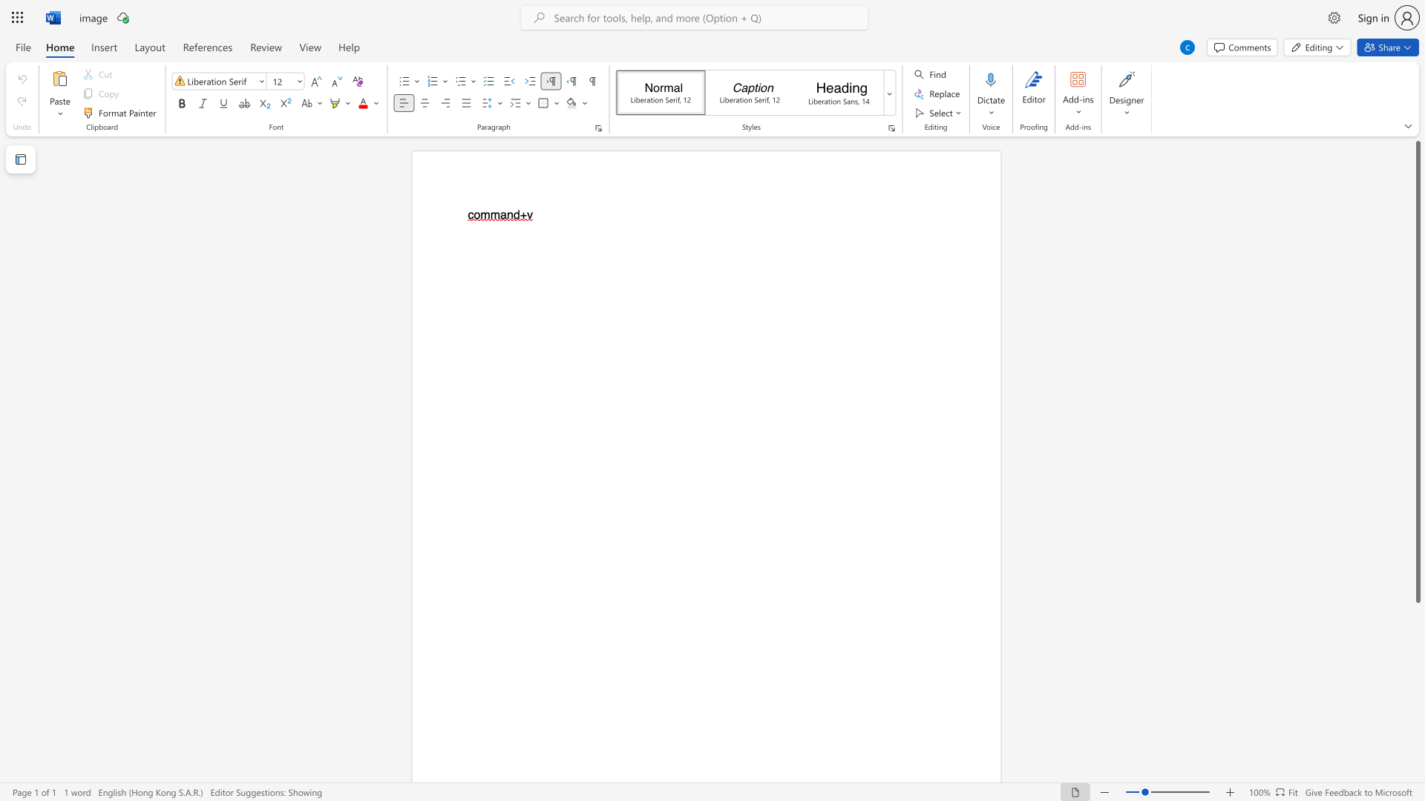  Describe the element at coordinates (1417, 703) in the screenshot. I see `the right-hand scrollbar to descend the page` at that location.